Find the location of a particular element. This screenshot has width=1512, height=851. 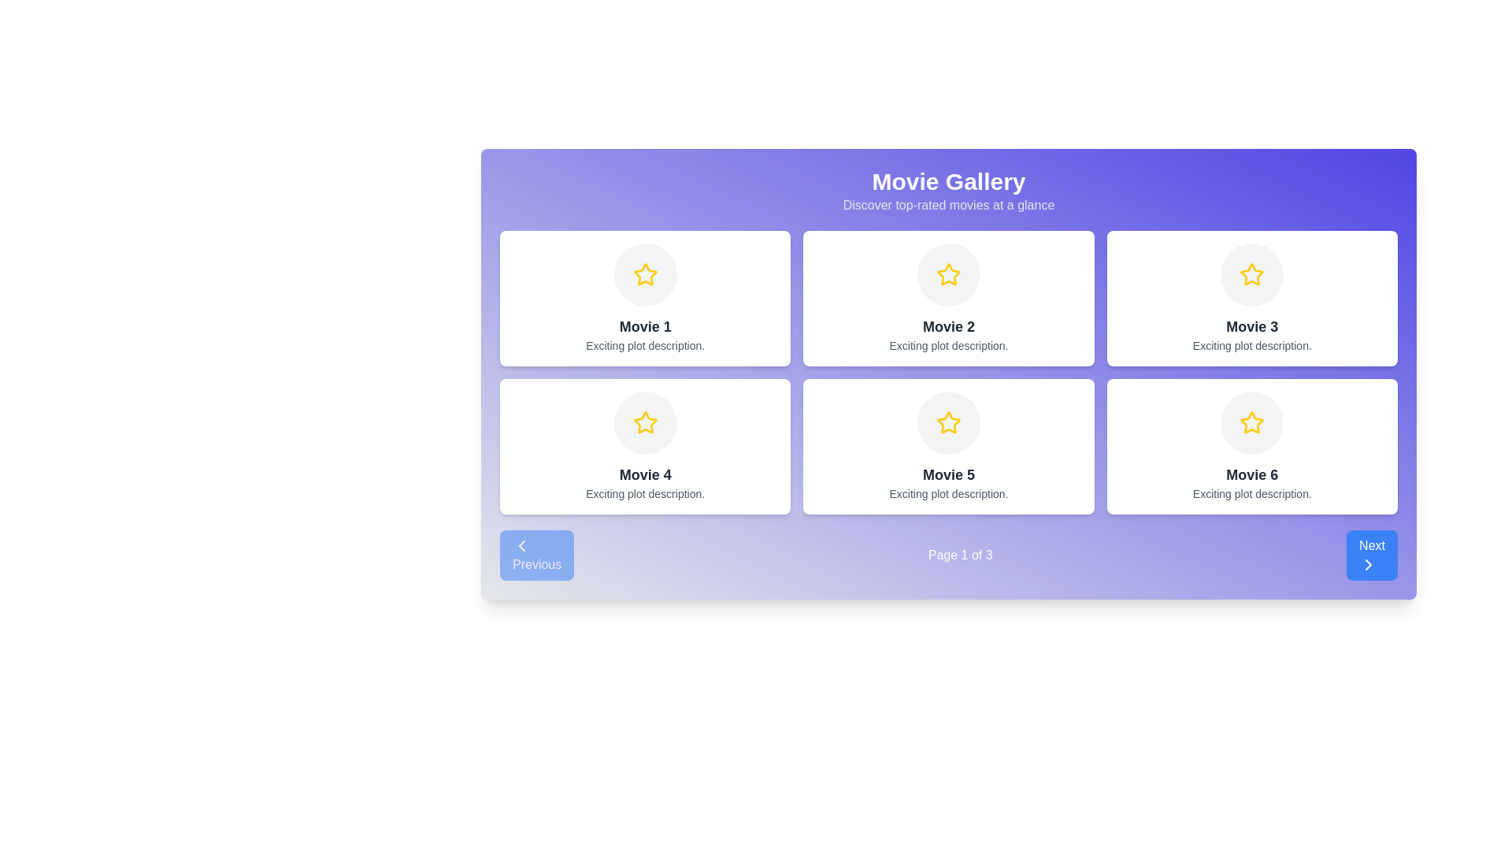

the Icon button located in the middle of the 'Movie 6' card at the bottom-right of the movie cards grid is located at coordinates (1251, 422).